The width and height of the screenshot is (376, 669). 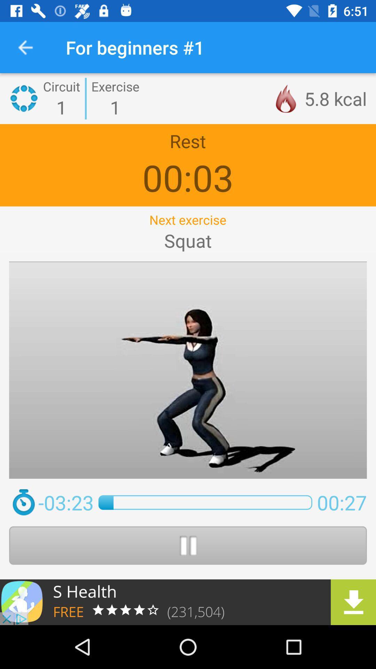 I want to click on pause button, so click(x=188, y=545).